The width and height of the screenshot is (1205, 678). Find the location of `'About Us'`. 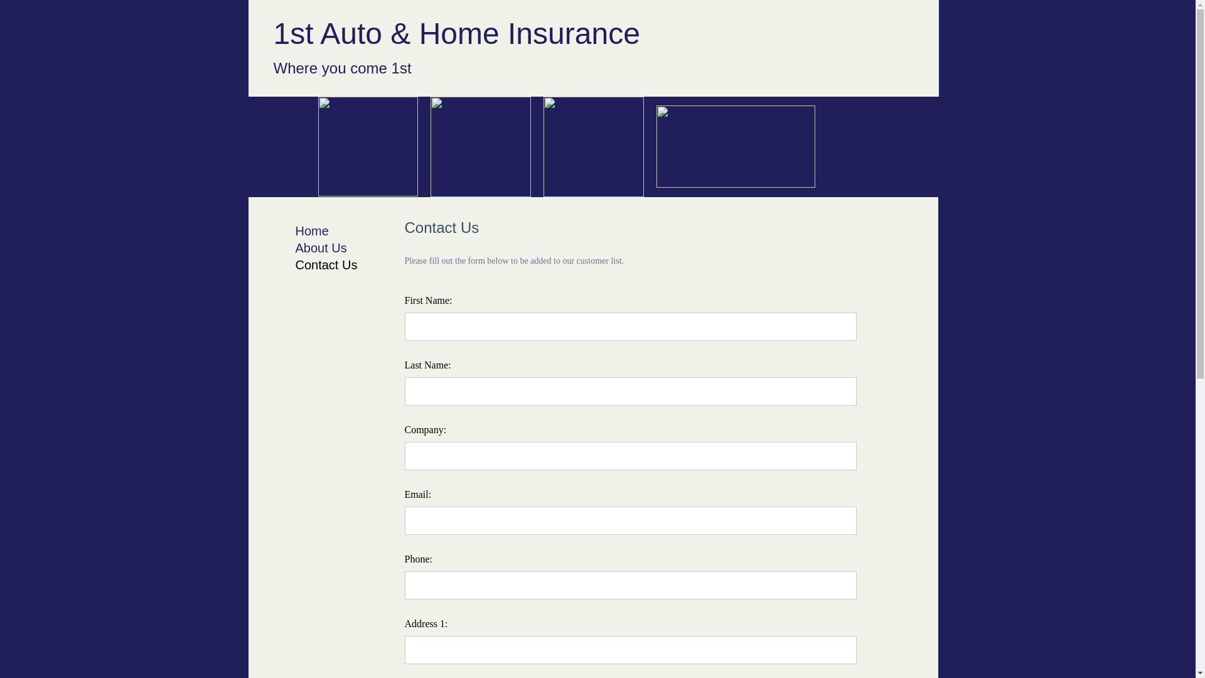

'About Us' is located at coordinates (320, 247).